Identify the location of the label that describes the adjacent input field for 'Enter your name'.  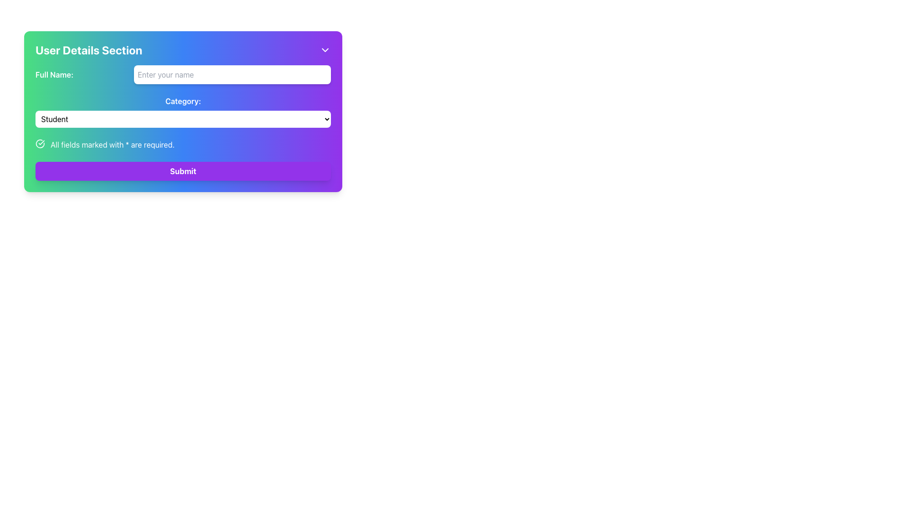
(54, 74).